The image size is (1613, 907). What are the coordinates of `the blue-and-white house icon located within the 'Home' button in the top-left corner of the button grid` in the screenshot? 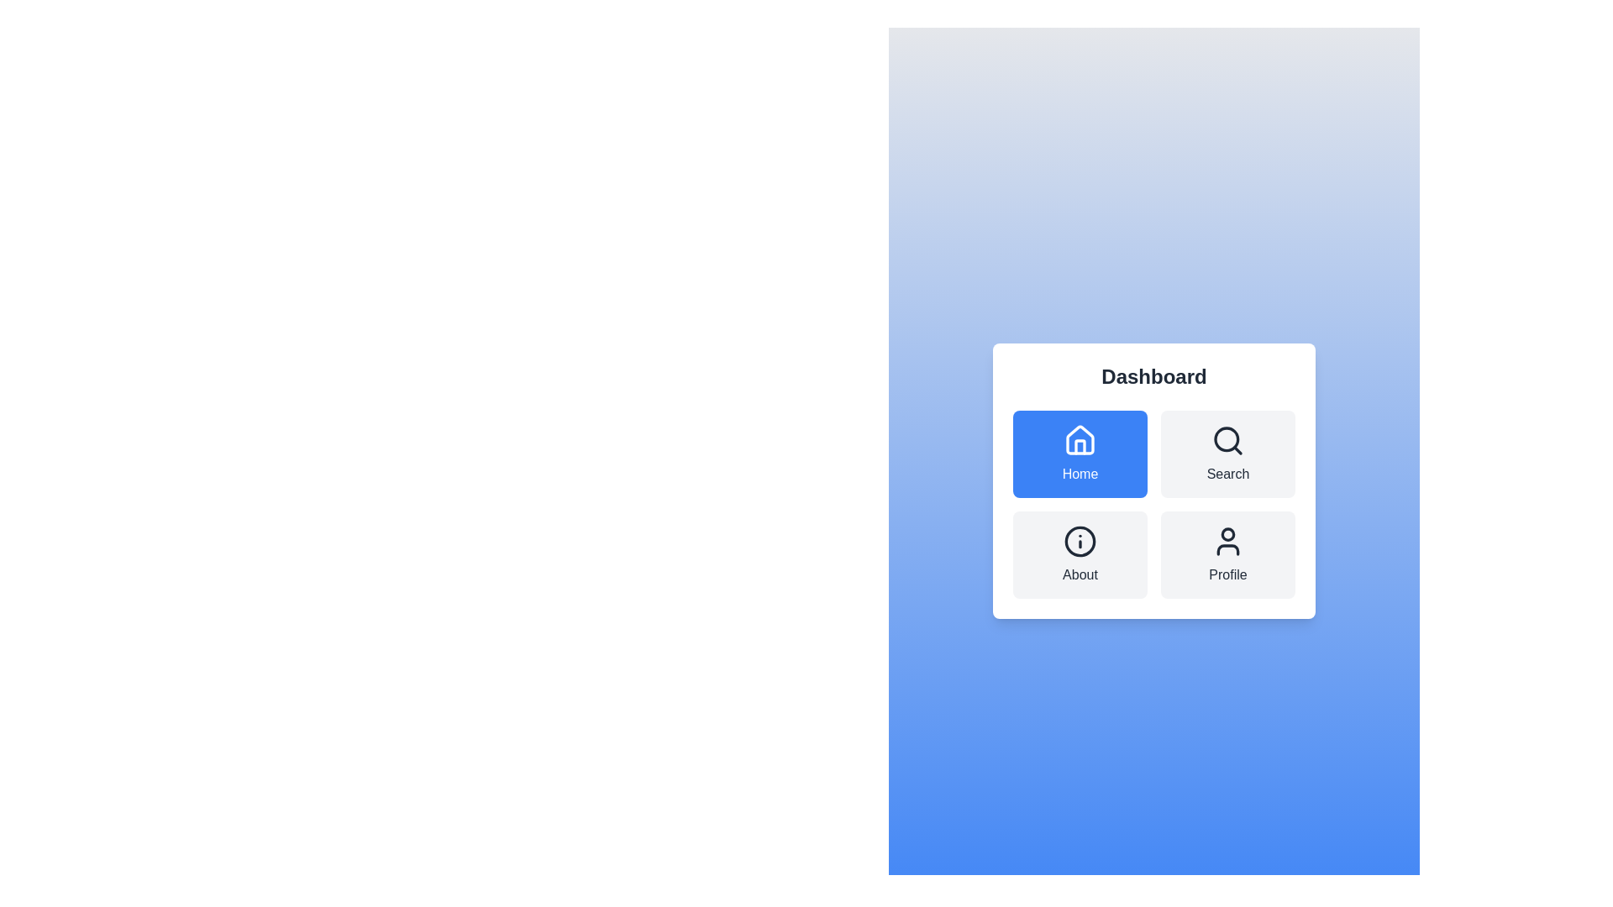 It's located at (1080, 439).